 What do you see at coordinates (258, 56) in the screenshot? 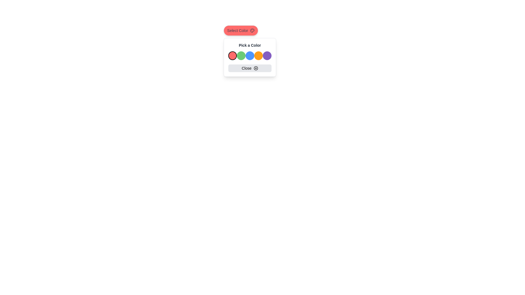
I see `the fourth selectable color option button in the color picker interface` at bounding box center [258, 56].